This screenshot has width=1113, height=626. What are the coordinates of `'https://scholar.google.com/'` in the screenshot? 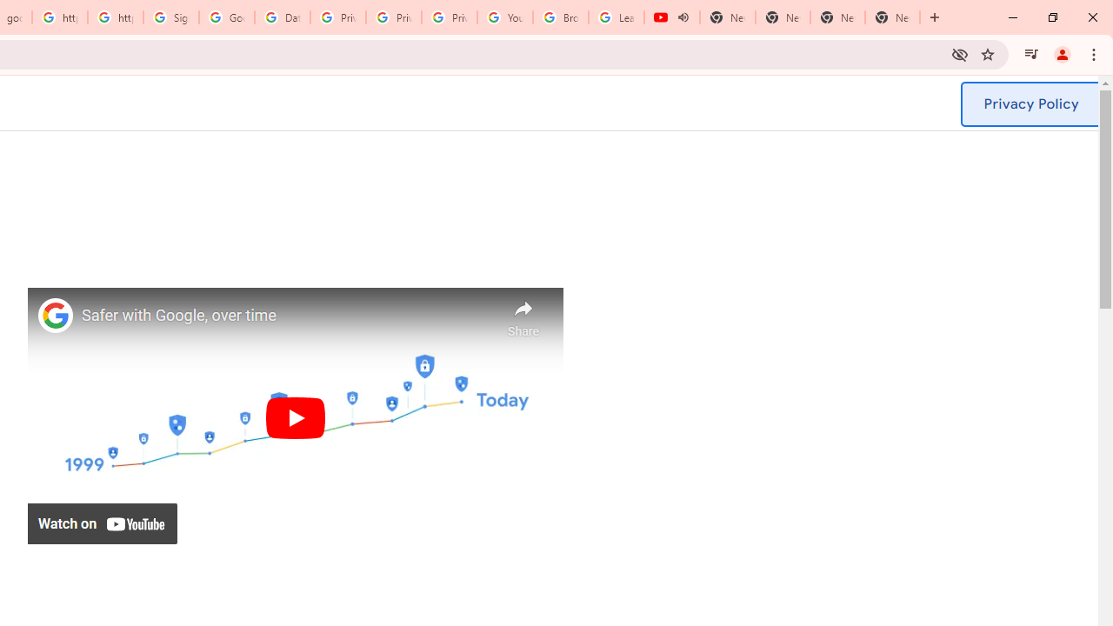 It's located at (115, 17).